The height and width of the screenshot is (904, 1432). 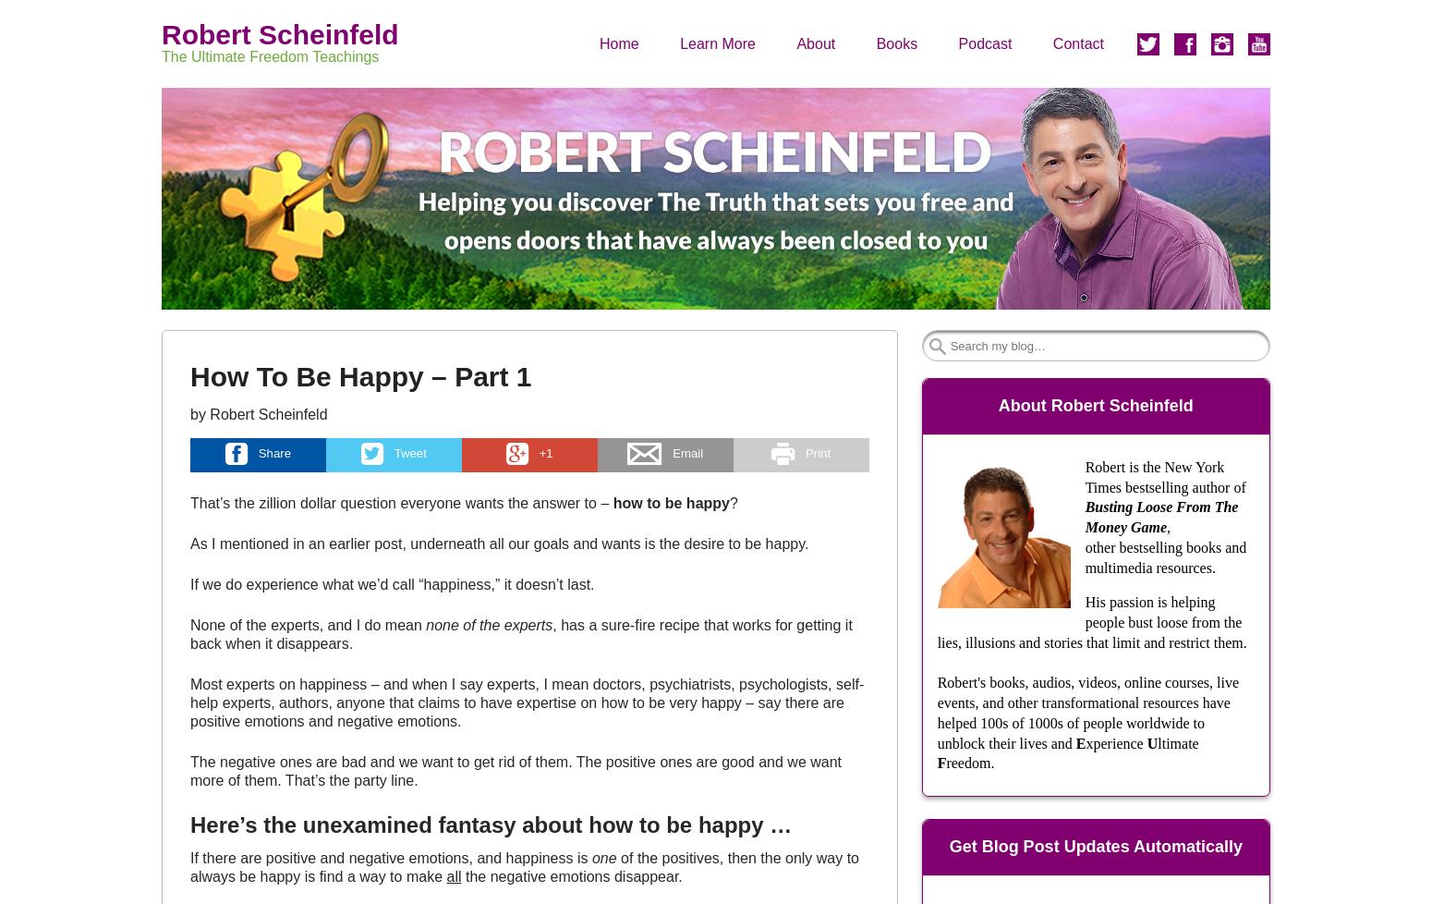 I want to click on 'Follow me on Twitter', so click(x=1137, y=106).